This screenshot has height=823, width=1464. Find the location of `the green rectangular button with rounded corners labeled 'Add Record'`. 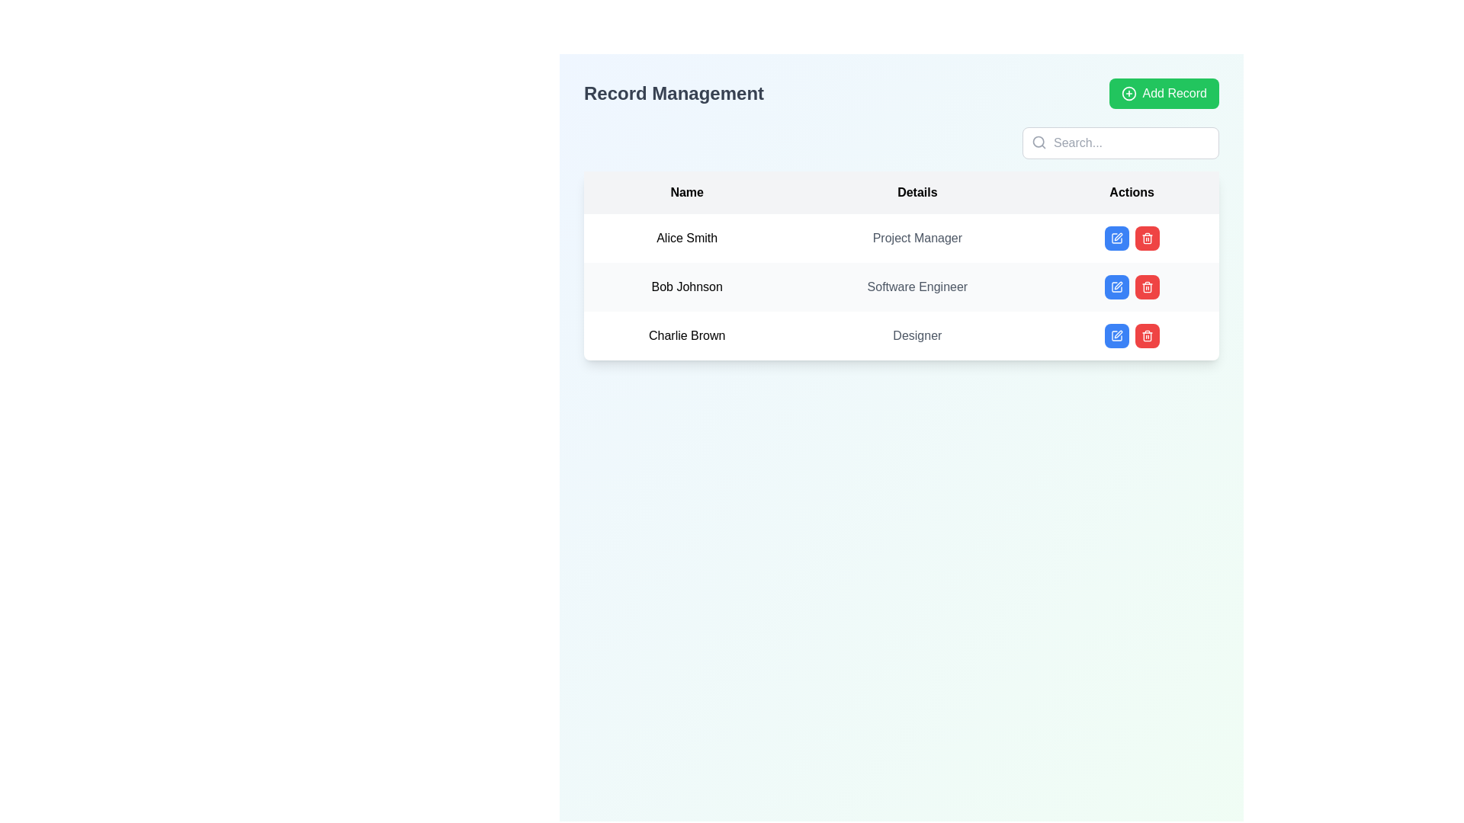

the green rectangular button with rounded corners labeled 'Add Record' is located at coordinates (1163, 94).